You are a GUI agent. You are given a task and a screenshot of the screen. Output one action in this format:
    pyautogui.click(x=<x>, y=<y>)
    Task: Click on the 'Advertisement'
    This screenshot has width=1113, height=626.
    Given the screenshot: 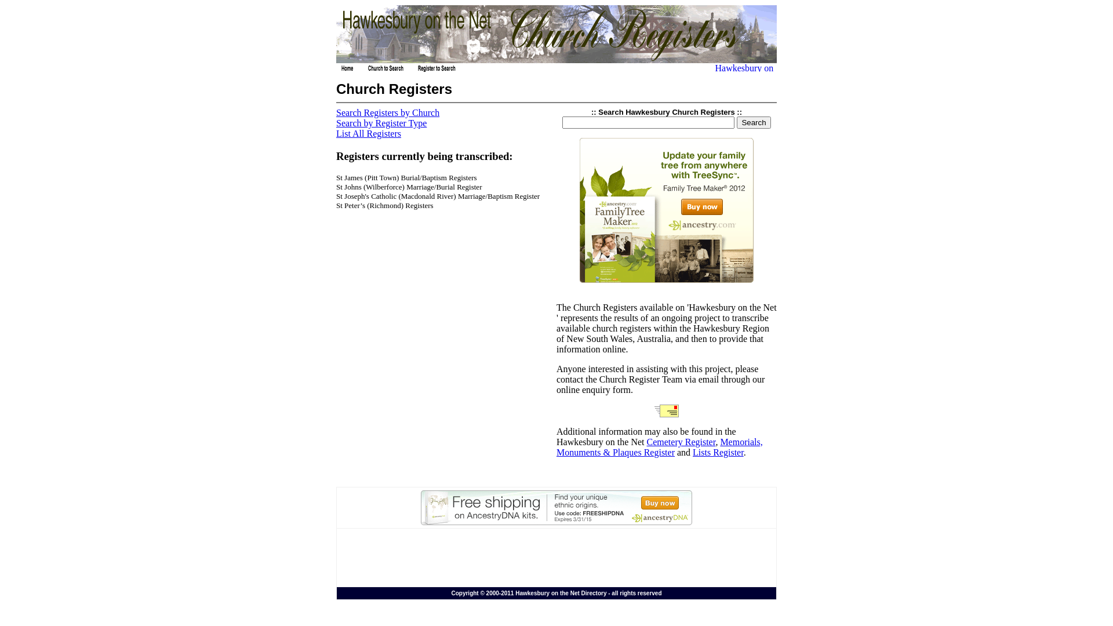 What is the action you would take?
    pyautogui.click(x=556, y=556)
    